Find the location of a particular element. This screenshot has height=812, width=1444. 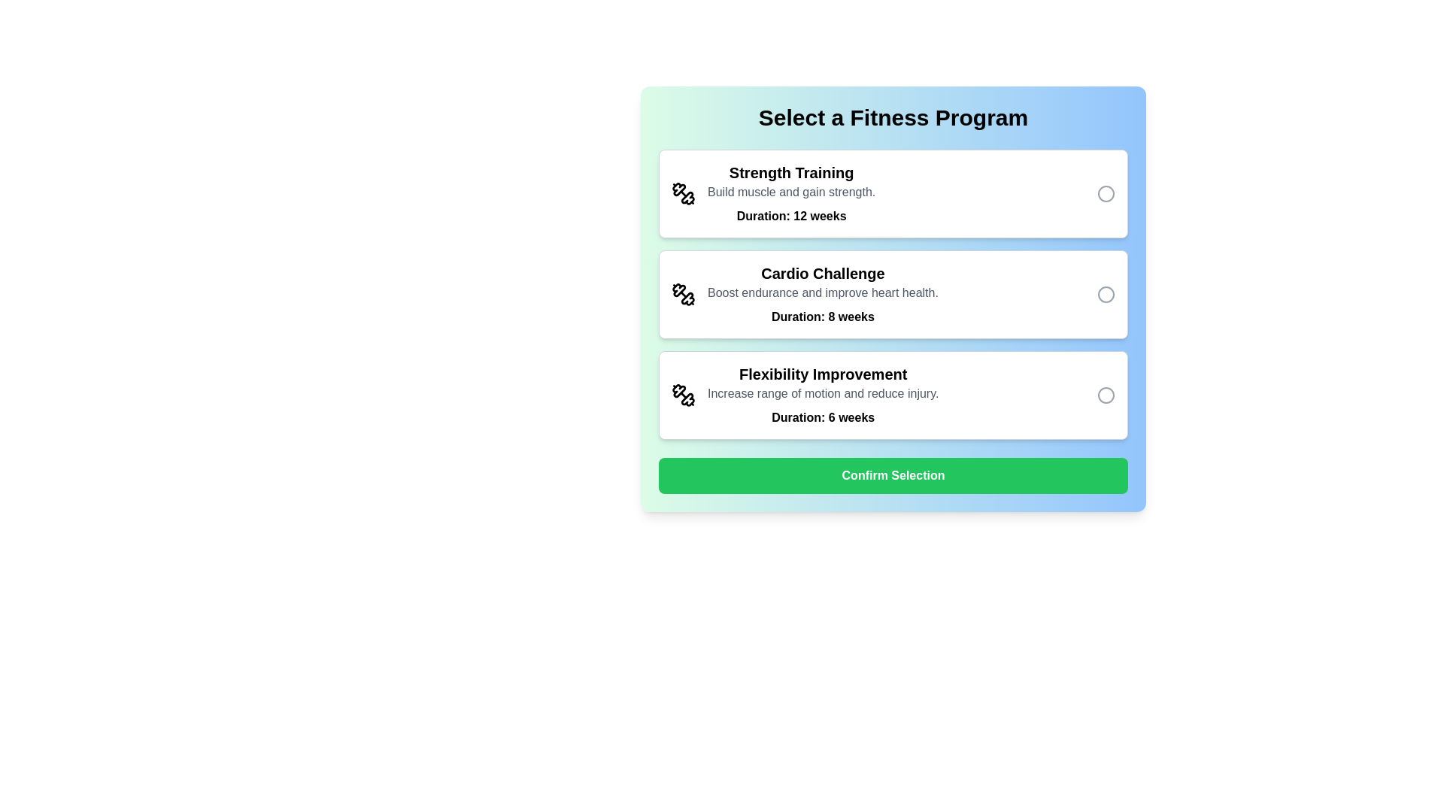

the black dumbbell SVG icon located in the third selectable option titled 'Flexibility Improvement', which is positioned to the left of the text describing the program is located at coordinates (682, 394).